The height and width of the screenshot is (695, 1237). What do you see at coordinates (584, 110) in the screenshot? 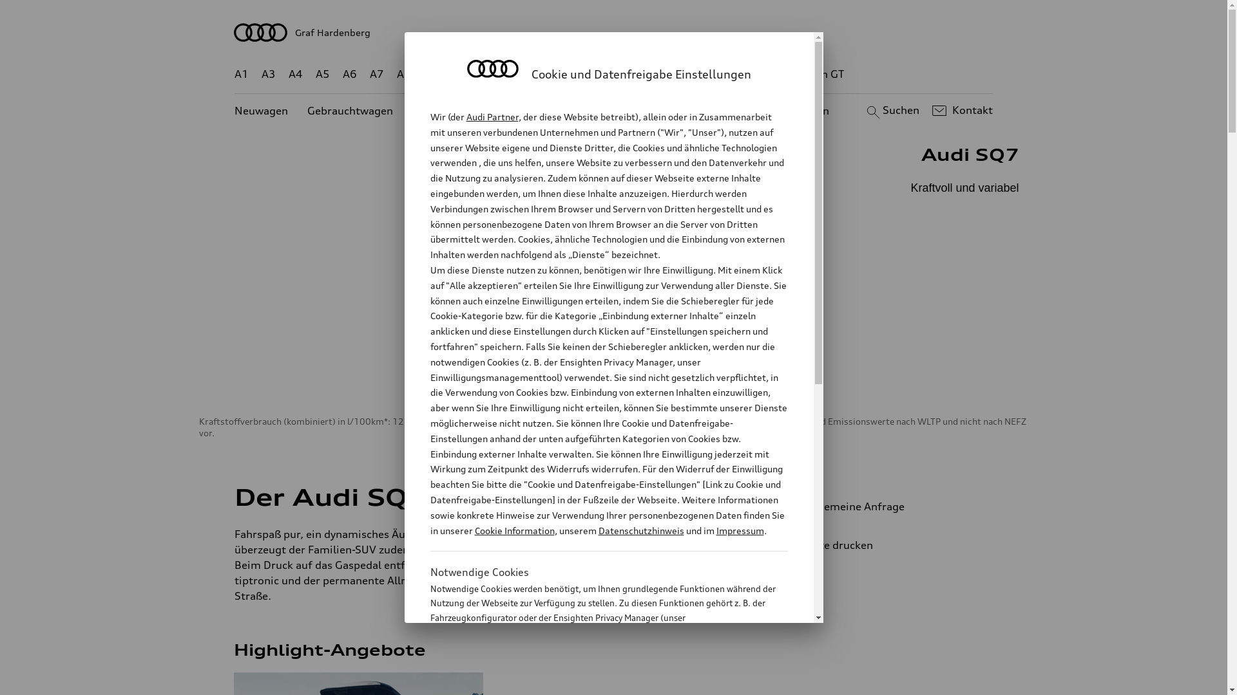
I see `'Kundenservice'` at bounding box center [584, 110].